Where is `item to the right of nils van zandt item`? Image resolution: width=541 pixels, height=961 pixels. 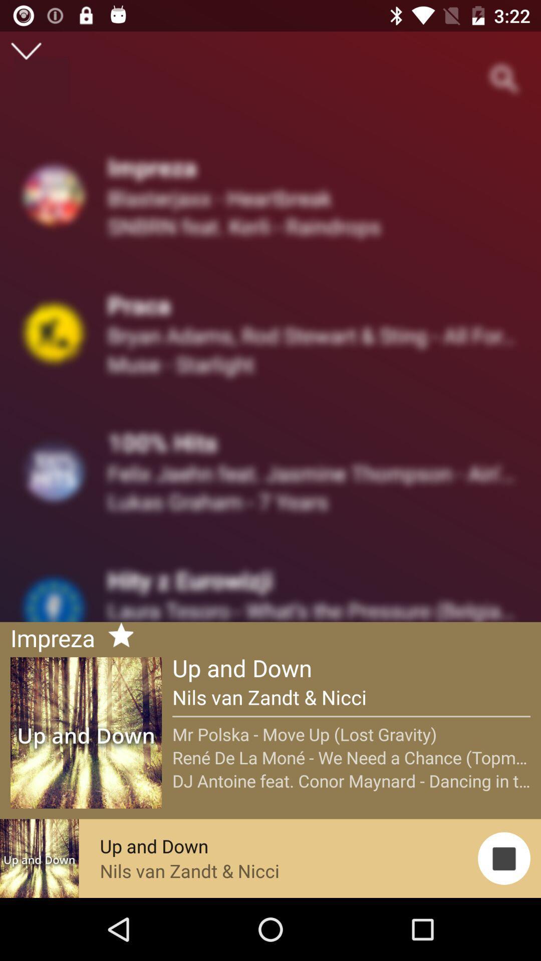 item to the right of nils van zandt item is located at coordinates (504, 858).